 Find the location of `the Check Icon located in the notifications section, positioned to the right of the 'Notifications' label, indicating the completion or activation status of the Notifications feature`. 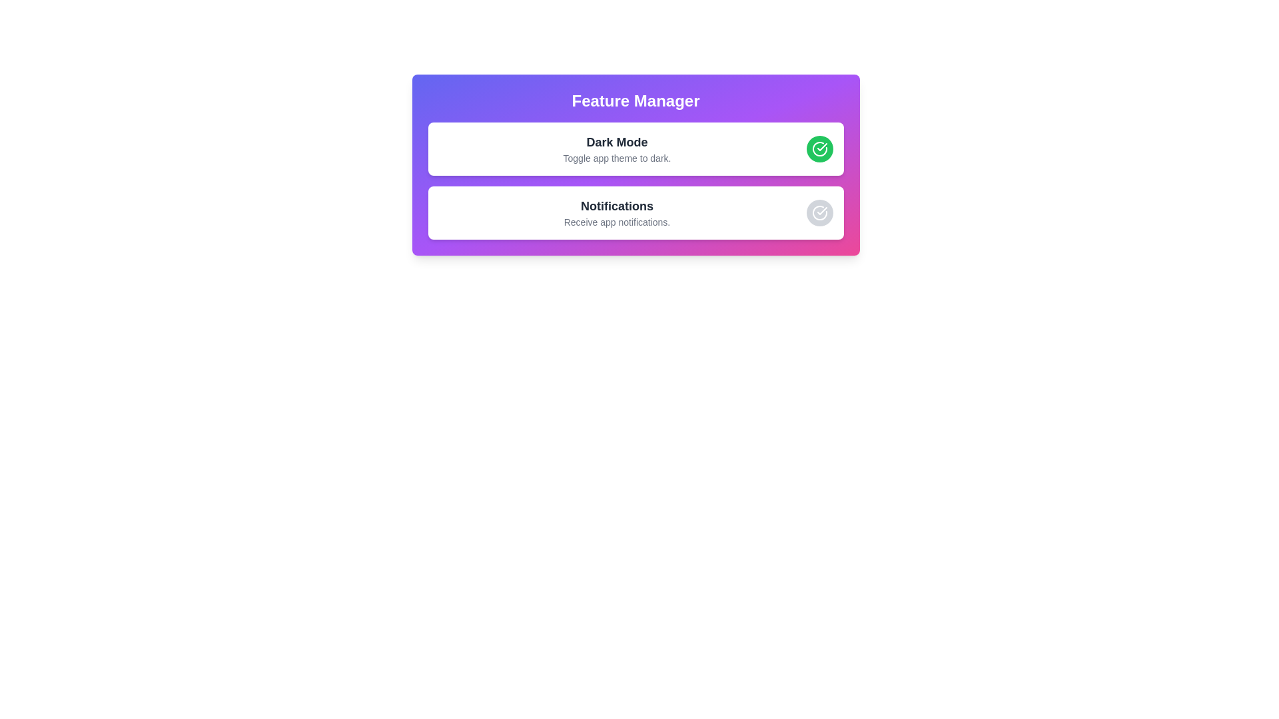

the Check Icon located in the notifications section, positioned to the right of the 'Notifications' label, indicating the completion or activation status of the Notifications feature is located at coordinates (819, 212).